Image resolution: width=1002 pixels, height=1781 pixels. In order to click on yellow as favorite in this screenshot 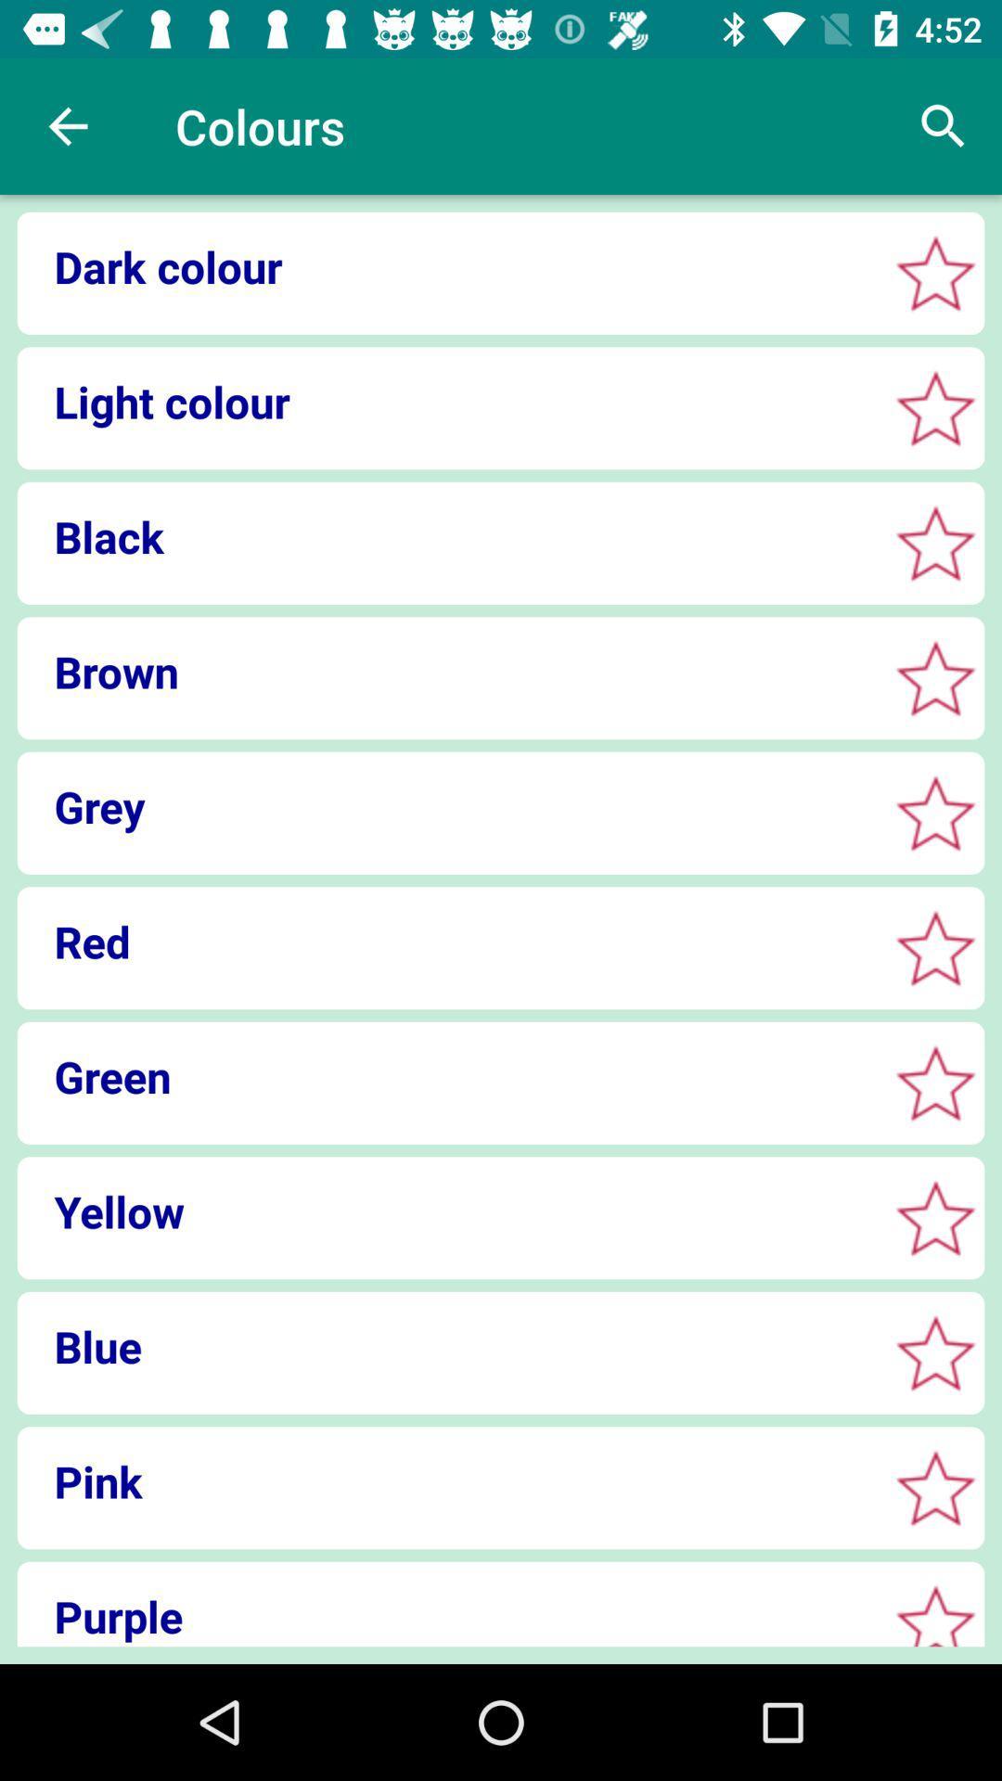, I will do `click(935, 1218)`.